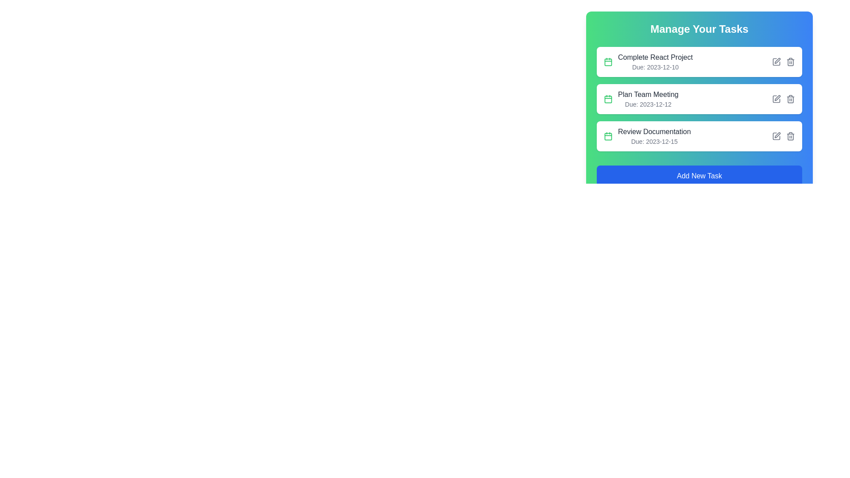 Image resolution: width=850 pixels, height=478 pixels. What do you see at coordinates (607, 99) in the screenshot?
I see `the square with rounded corners that is part of the calendar icon in the second task row of the task manager layout` at bounding box center [607, 99].